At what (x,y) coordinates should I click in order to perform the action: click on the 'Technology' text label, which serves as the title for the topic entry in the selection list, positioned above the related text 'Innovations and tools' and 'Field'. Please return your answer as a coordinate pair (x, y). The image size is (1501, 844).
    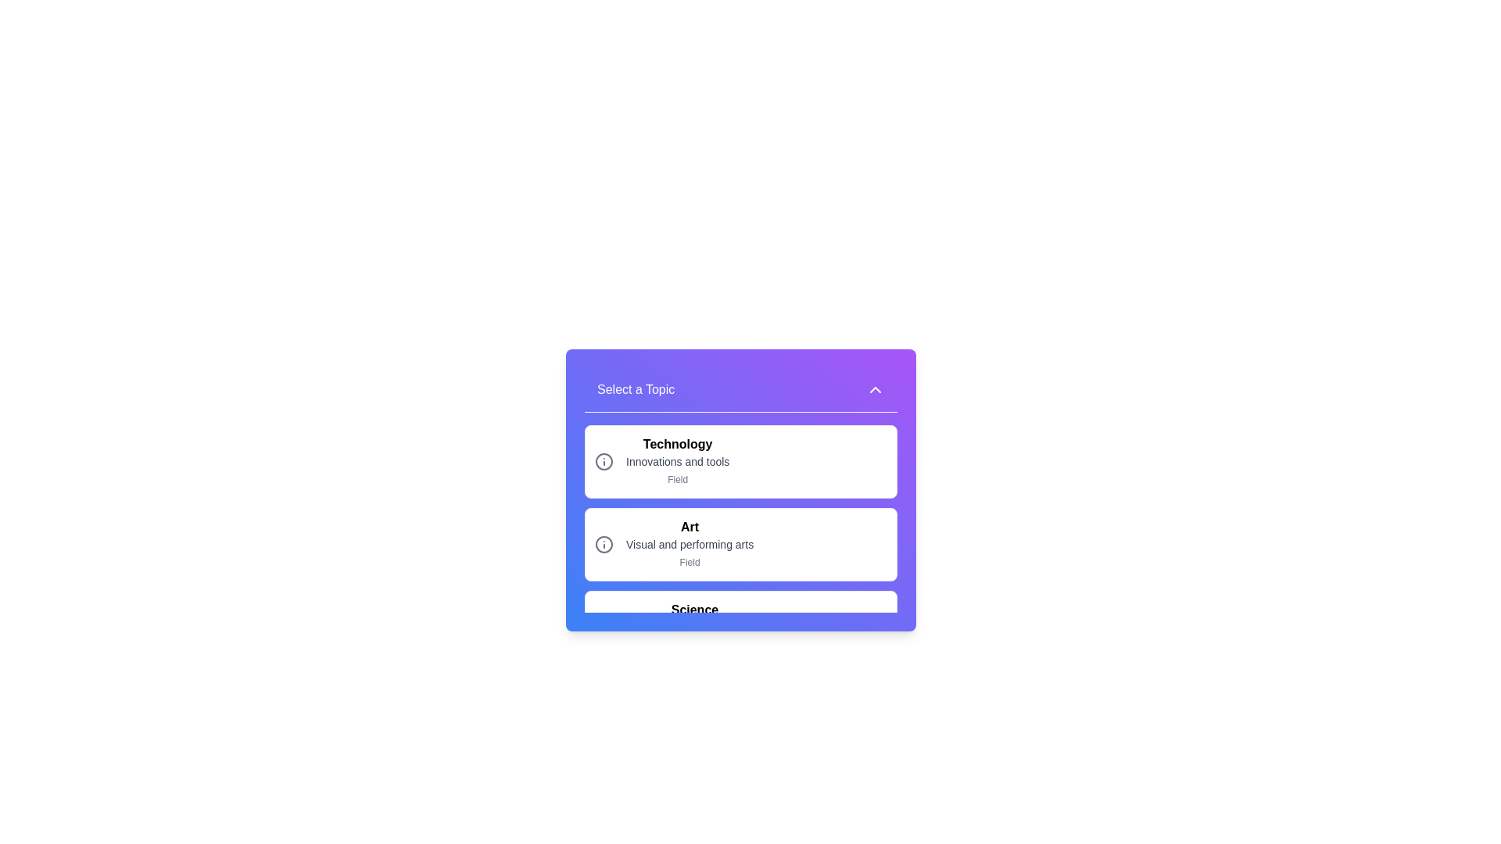
    Looking at the image, I should click on (678, 445).